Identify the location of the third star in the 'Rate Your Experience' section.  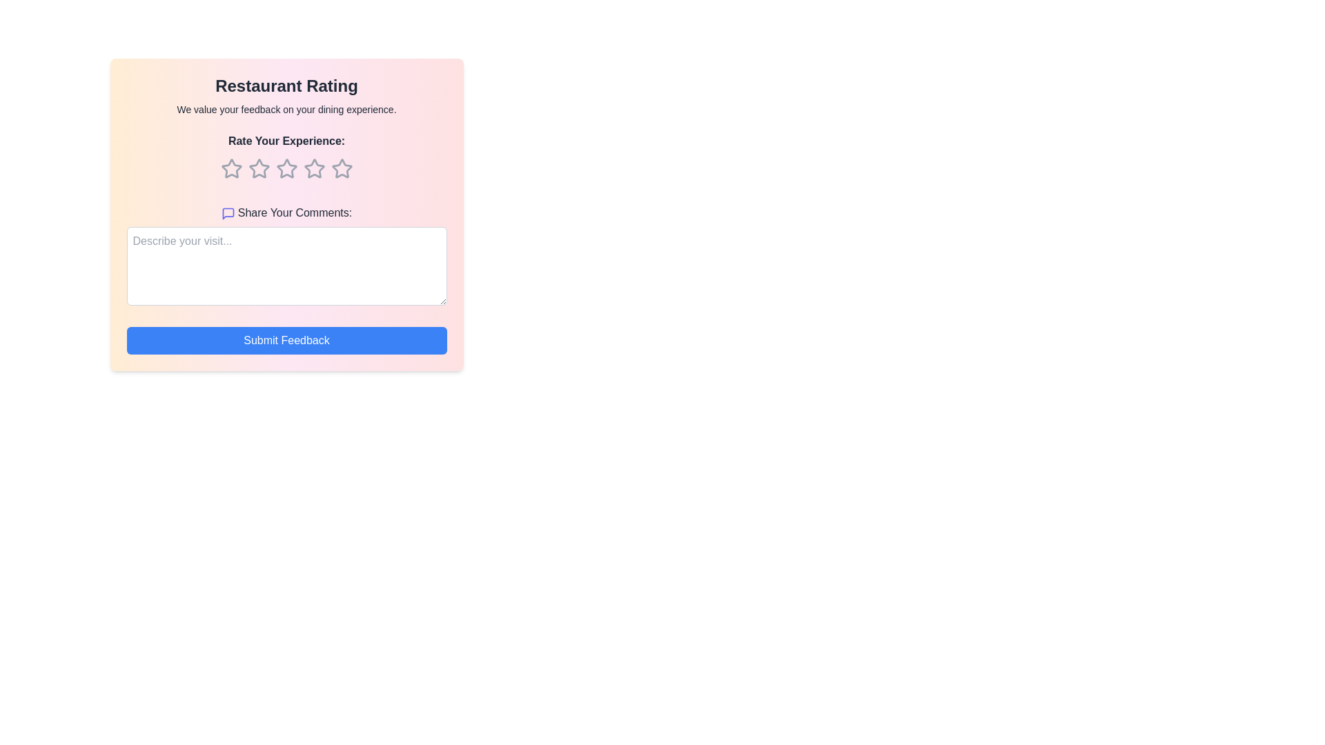
(286, 168).